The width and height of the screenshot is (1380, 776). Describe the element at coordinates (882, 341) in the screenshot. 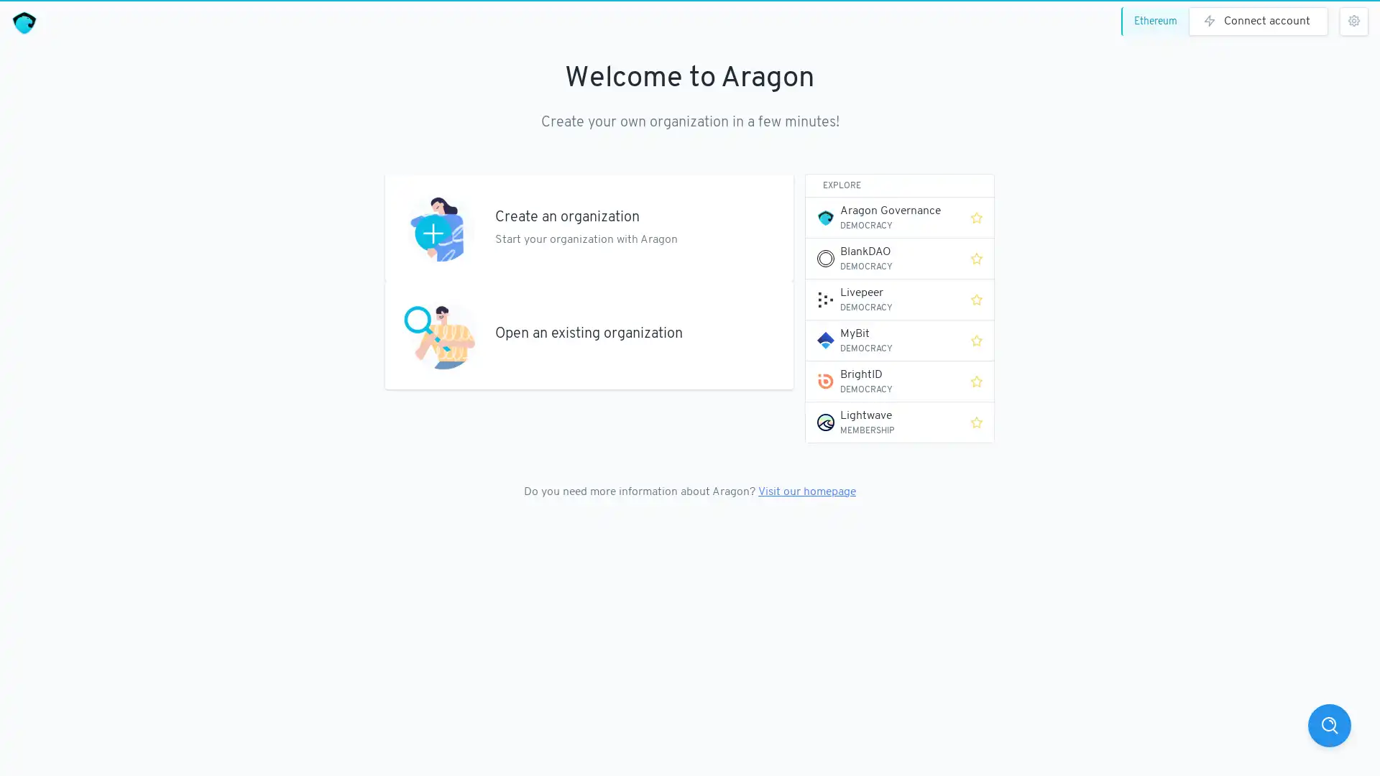

I see `MyBit DEMOCRACY` at that location.